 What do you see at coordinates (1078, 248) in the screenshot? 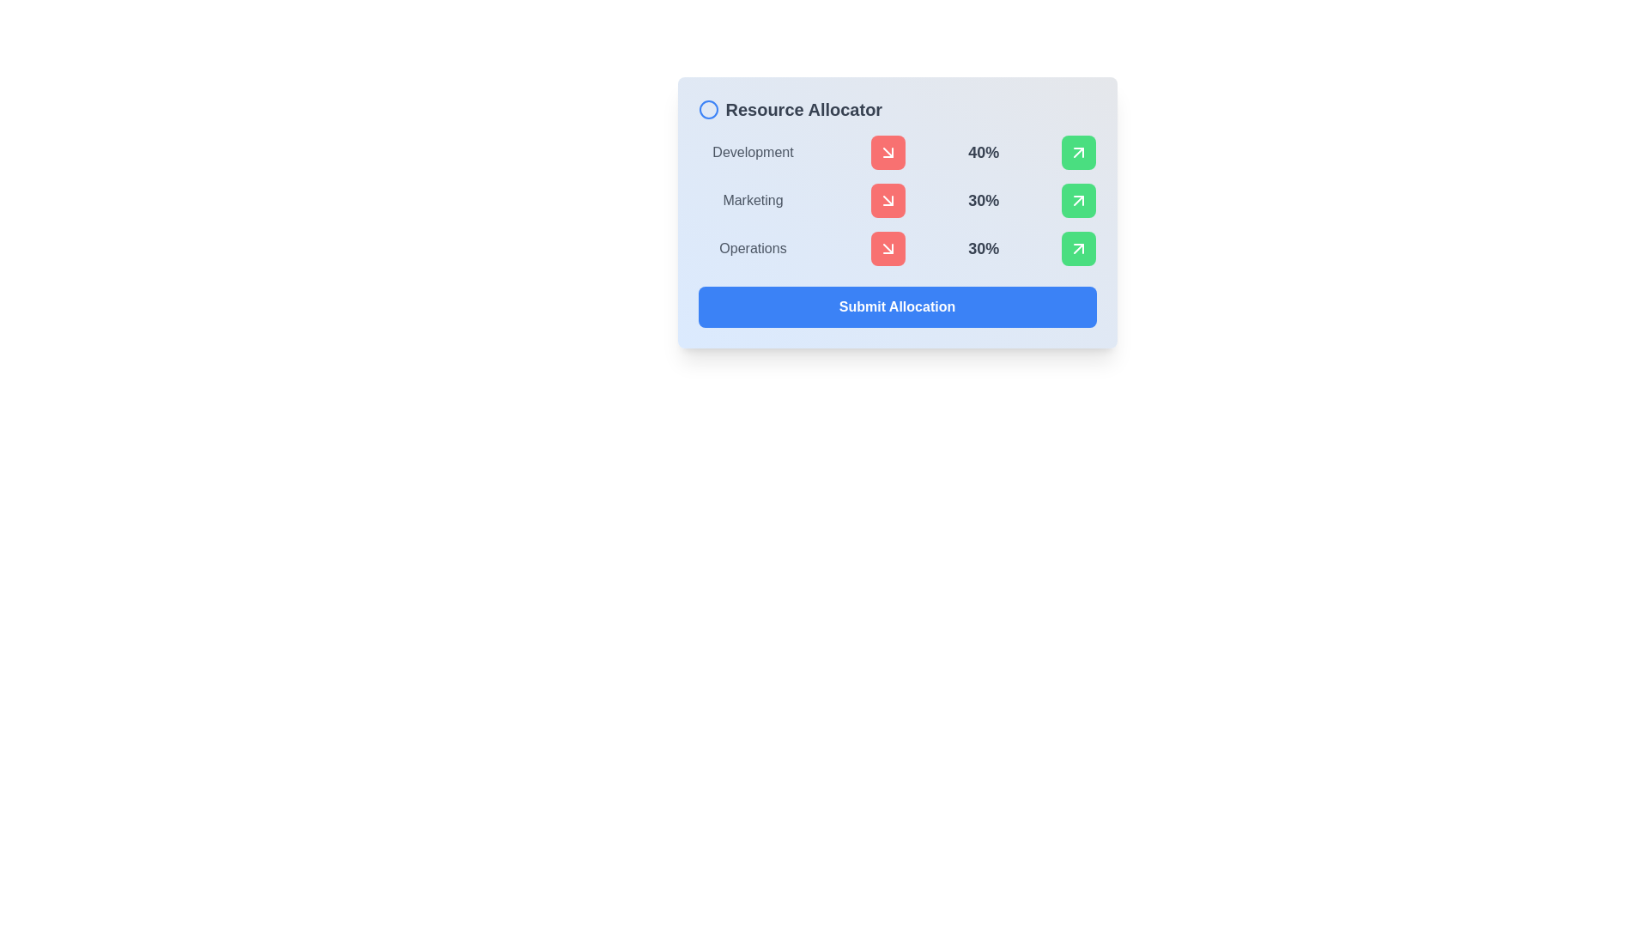
I see `the green button with a white arrow pointing diagonally upward to the right, located in the 'Operations' row` at bounding box center [1078, 248].